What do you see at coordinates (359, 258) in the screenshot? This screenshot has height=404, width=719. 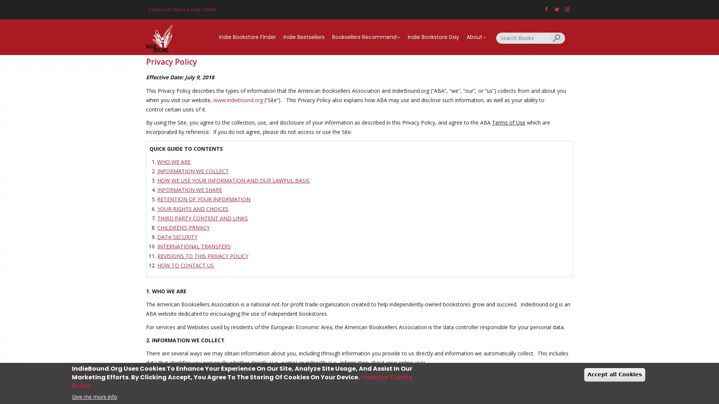 I see `Subscribe` at bounding box center [359, 258].